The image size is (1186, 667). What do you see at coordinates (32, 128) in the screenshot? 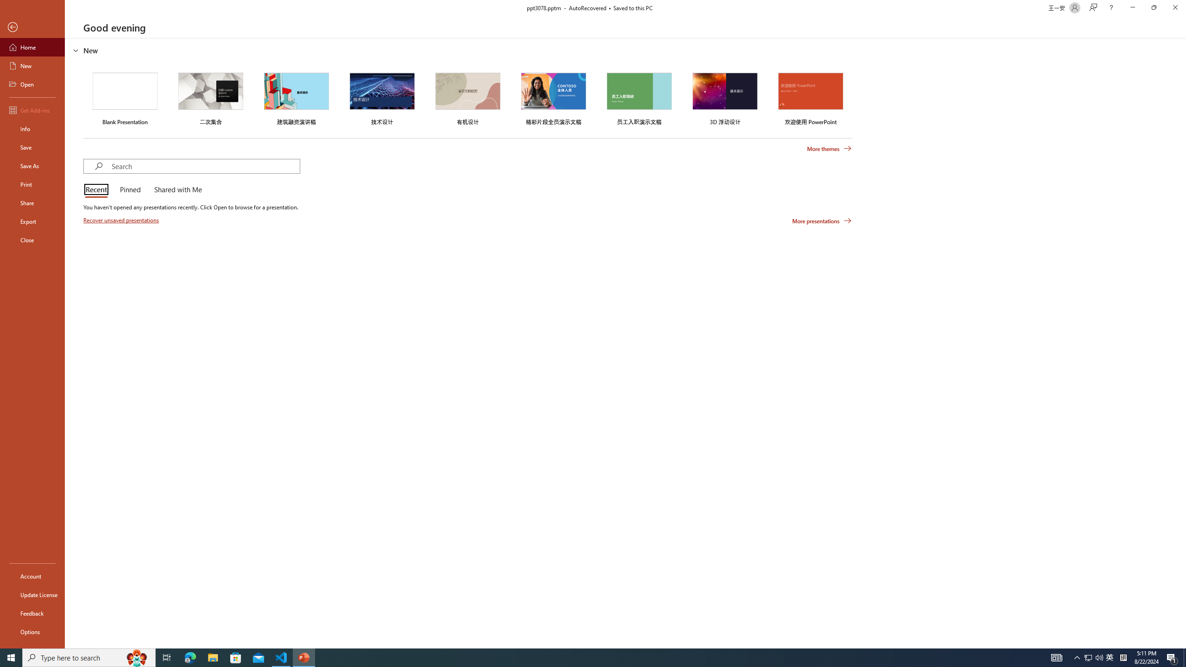
I see `'Info'` at bounding box center [32, 128].